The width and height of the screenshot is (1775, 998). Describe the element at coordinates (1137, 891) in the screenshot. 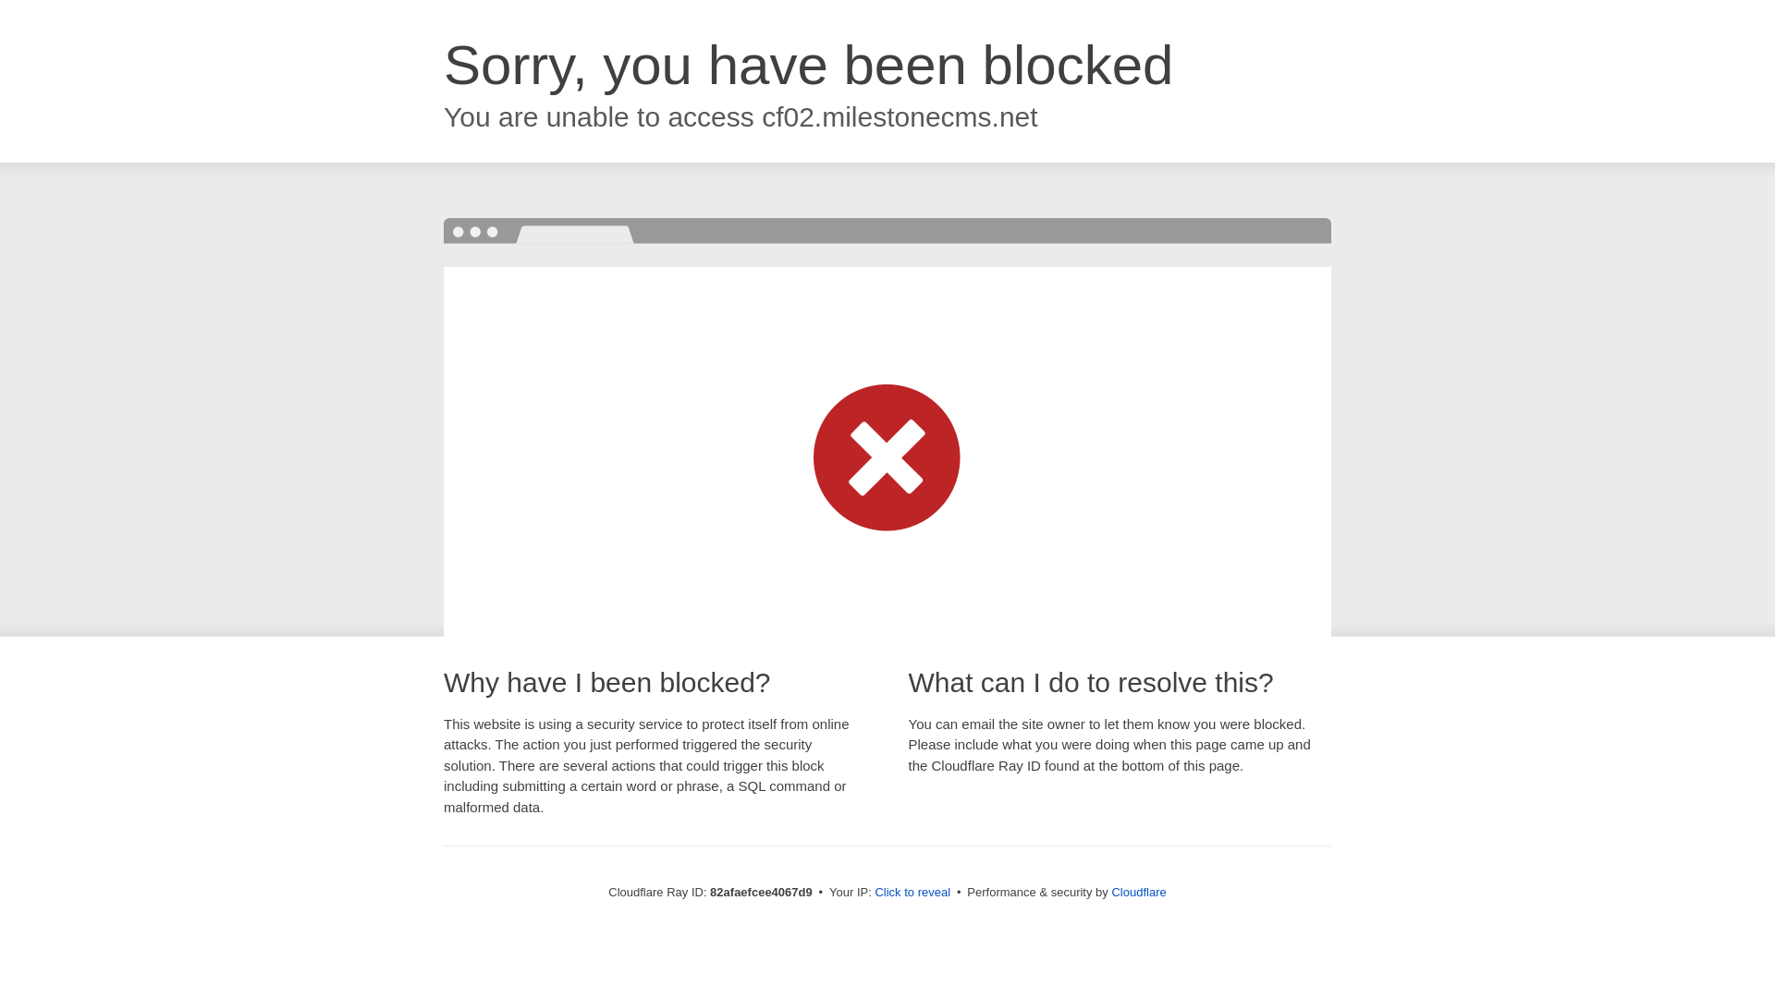

I see `'Cloudflare'` at that location.